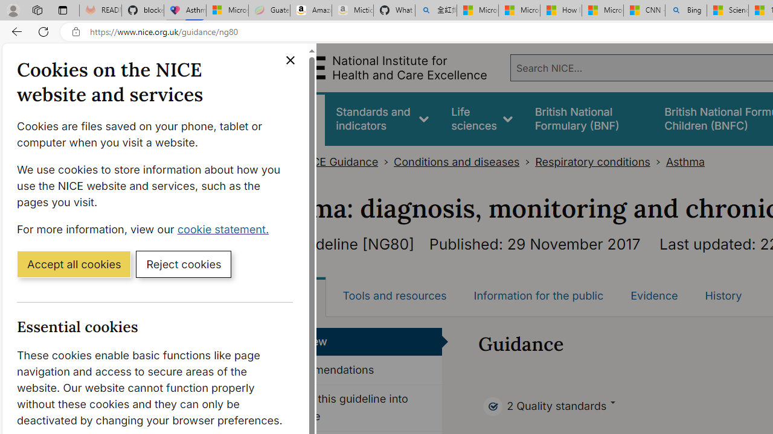  I want to click on 'cookie statement. (Opens in a new window)', so click(225, 228).